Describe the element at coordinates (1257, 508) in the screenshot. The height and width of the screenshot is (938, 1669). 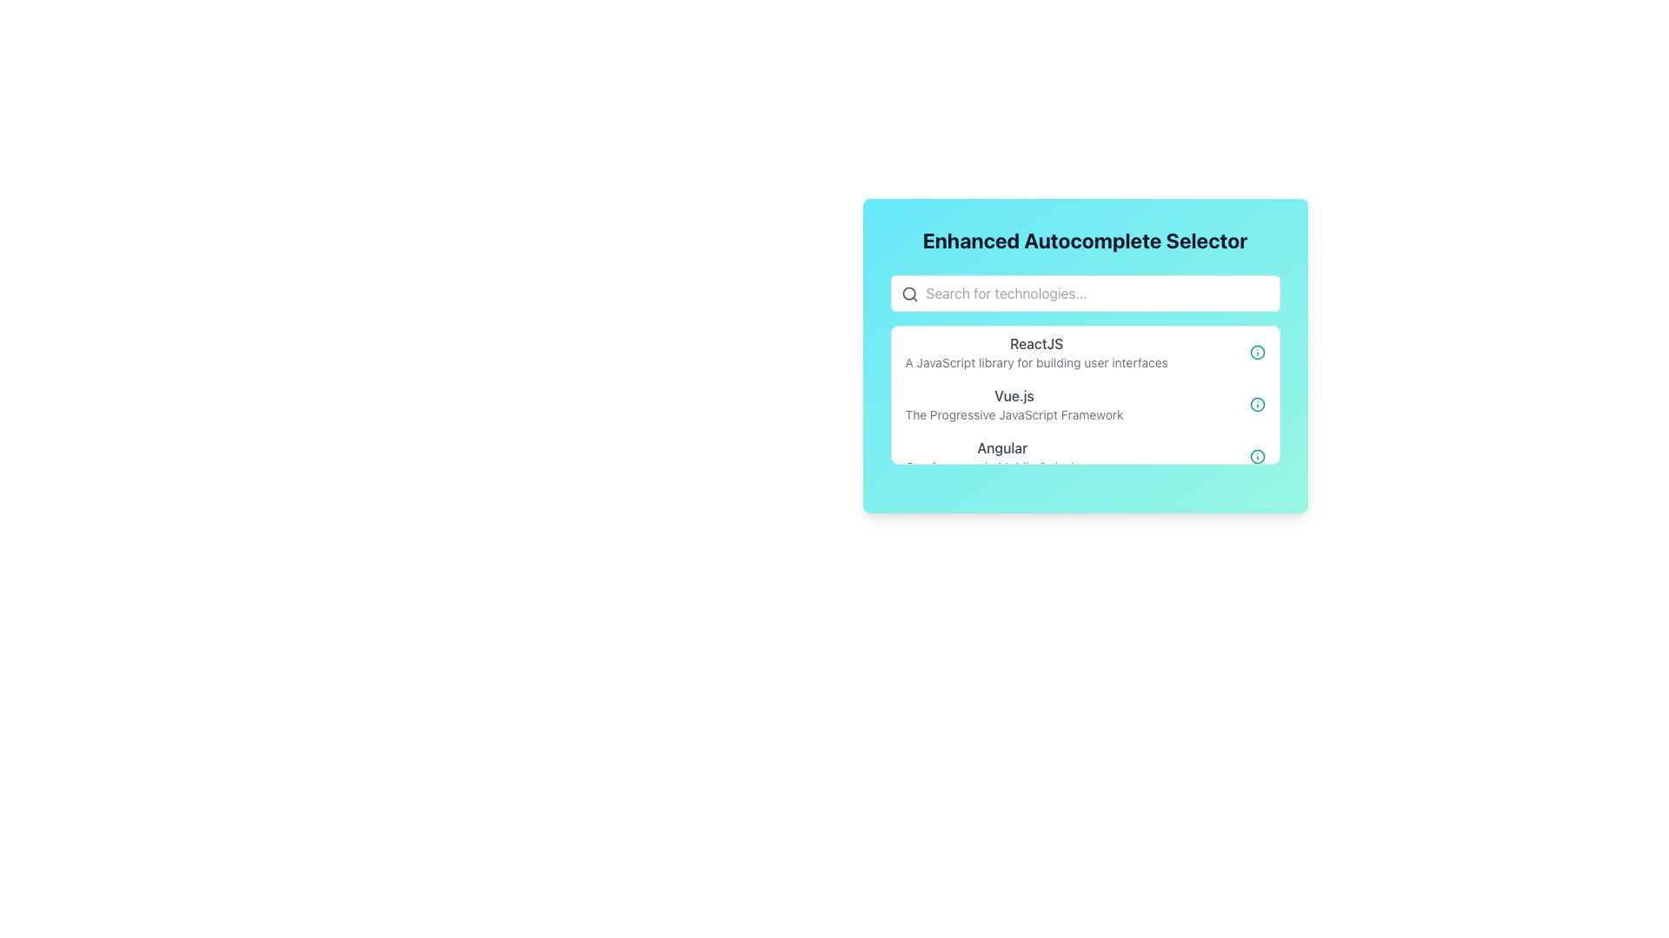
I see `the light teal circle element within the SVG icon located in the bottom right corner of the card interface` at that location.